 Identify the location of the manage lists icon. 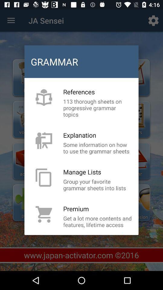
(82, 172).